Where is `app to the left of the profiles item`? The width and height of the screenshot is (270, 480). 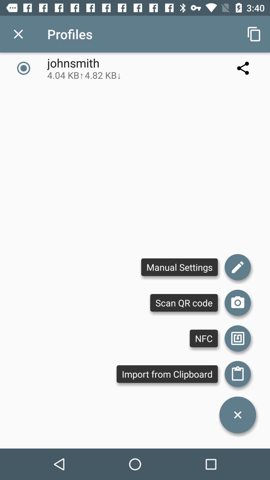
app to the left of the profiles item is located at coordinates (18, 34).